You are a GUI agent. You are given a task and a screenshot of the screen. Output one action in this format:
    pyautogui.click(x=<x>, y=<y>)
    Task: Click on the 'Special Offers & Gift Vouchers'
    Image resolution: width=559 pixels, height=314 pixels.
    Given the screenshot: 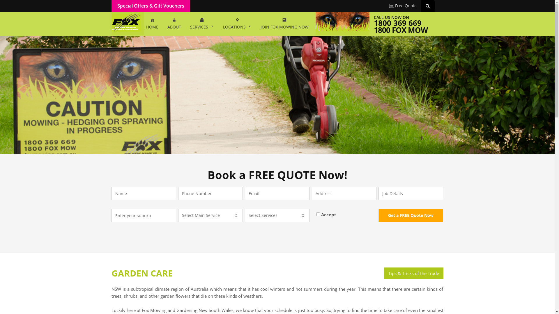 What is the action you would take?
    pyautogui.click(x=117, y=6)
    